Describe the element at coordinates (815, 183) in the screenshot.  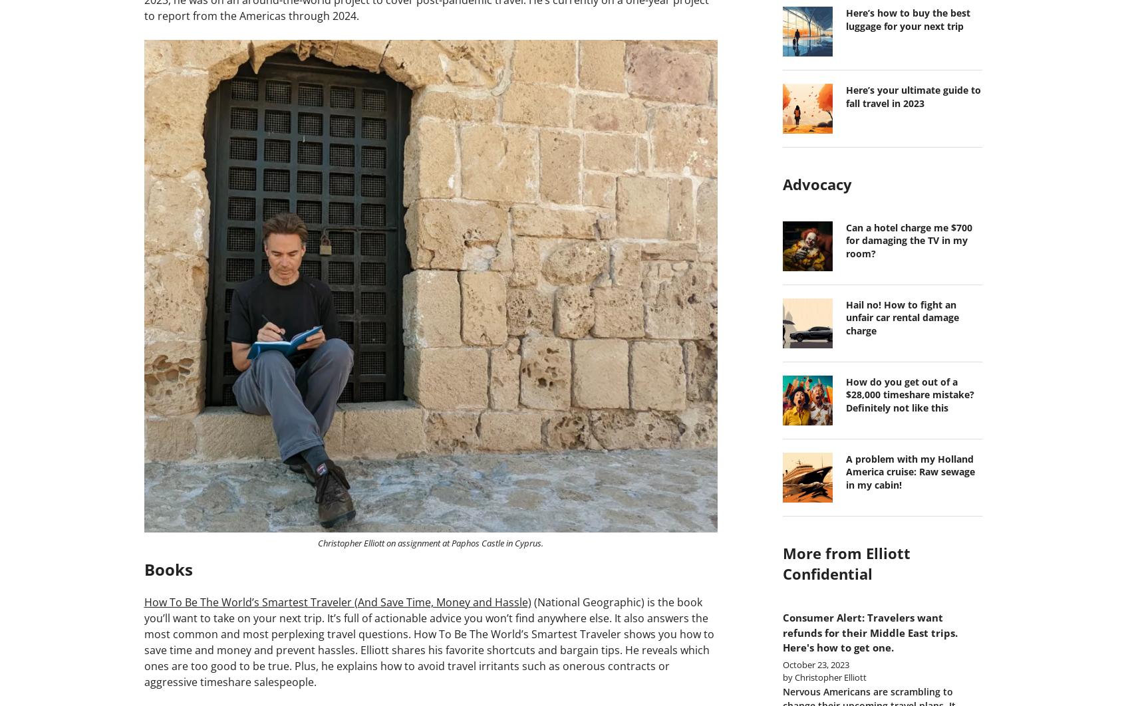
I see `'Advocacy'` at that location.